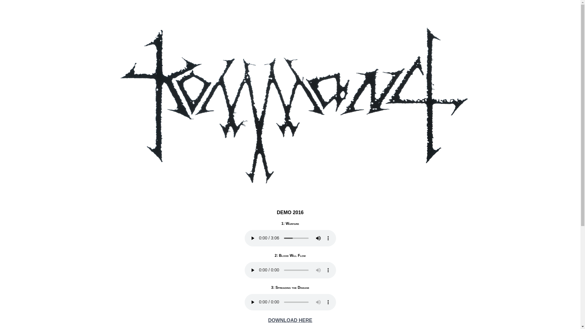  I want to click on 'DOWNLOAD HERE', so click(290, 320).